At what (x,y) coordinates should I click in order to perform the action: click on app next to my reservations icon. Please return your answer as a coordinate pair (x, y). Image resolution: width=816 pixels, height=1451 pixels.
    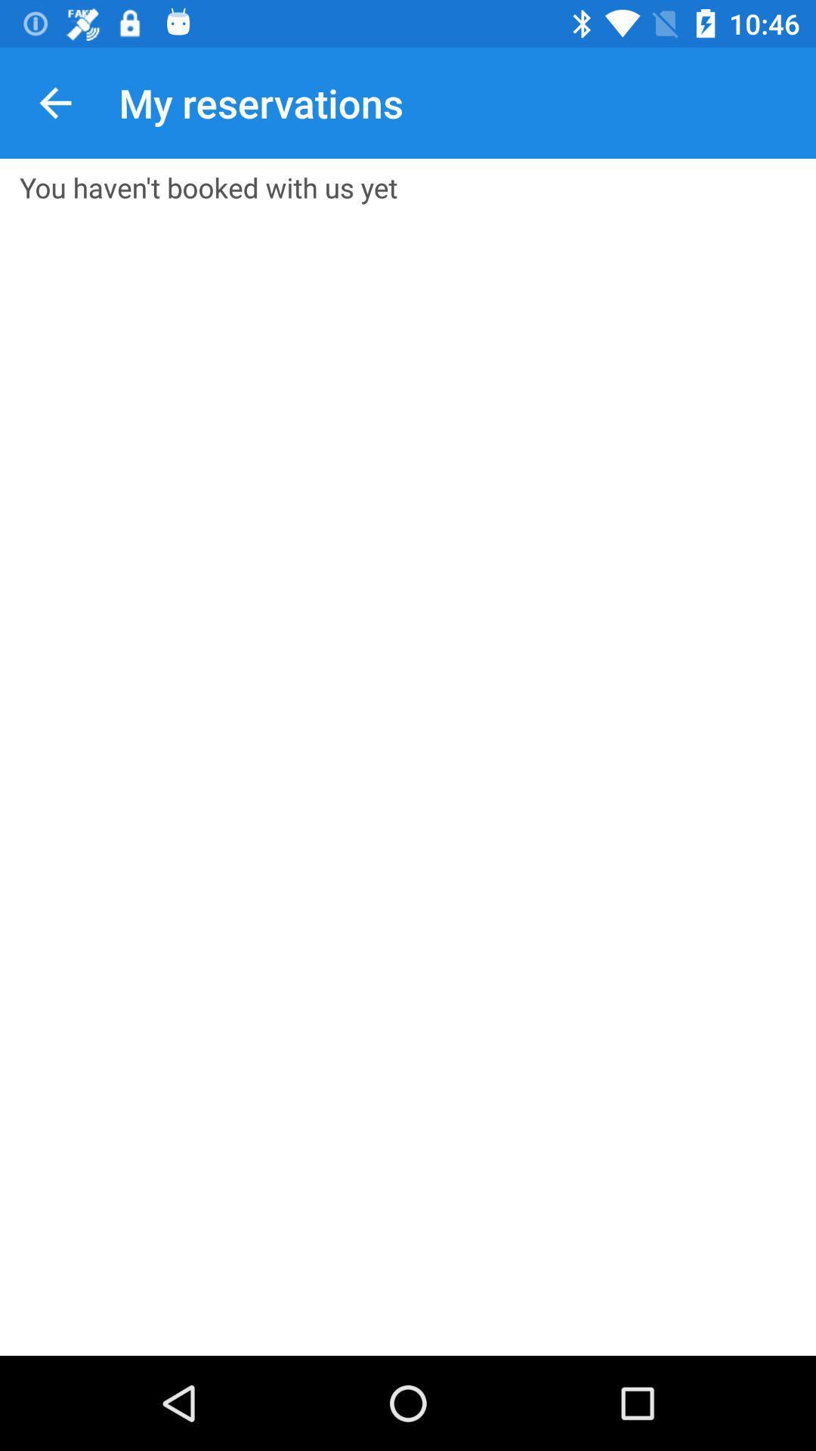
    Looking at the image, I should click on (54, 102).